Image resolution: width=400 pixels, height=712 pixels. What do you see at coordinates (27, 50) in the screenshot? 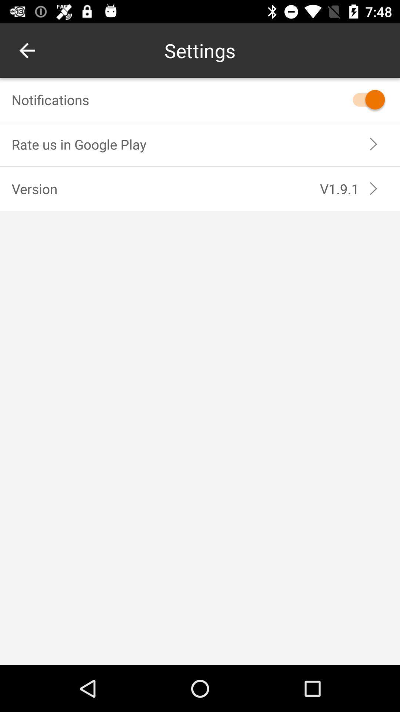
I see `the item next to the settings item` at bounding box center [27, 50].